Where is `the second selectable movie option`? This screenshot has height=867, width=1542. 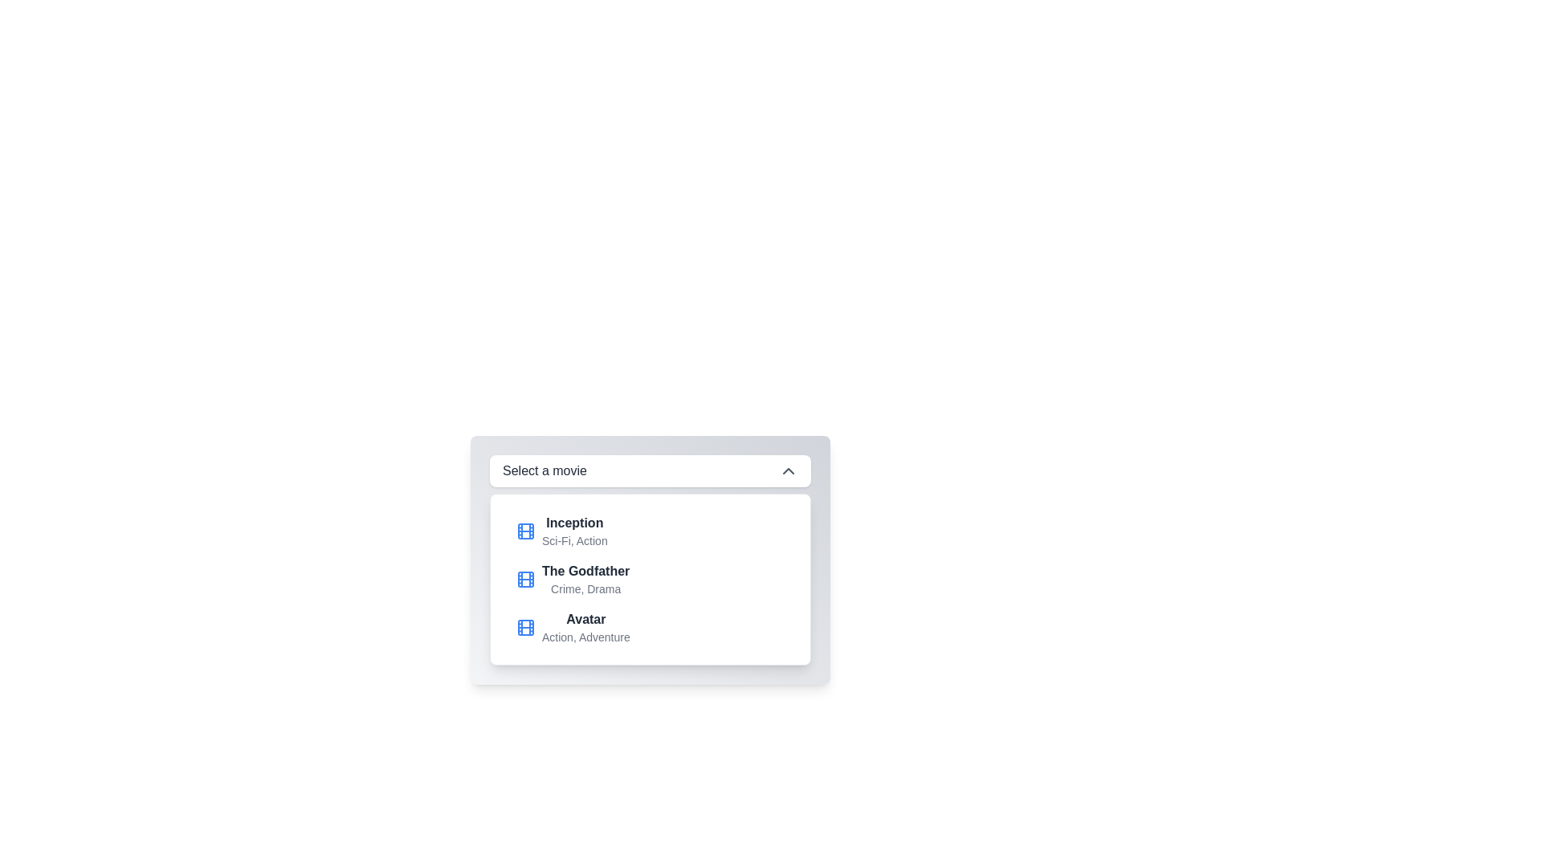 the second selectable movie option is located at coordinates (651, 579).